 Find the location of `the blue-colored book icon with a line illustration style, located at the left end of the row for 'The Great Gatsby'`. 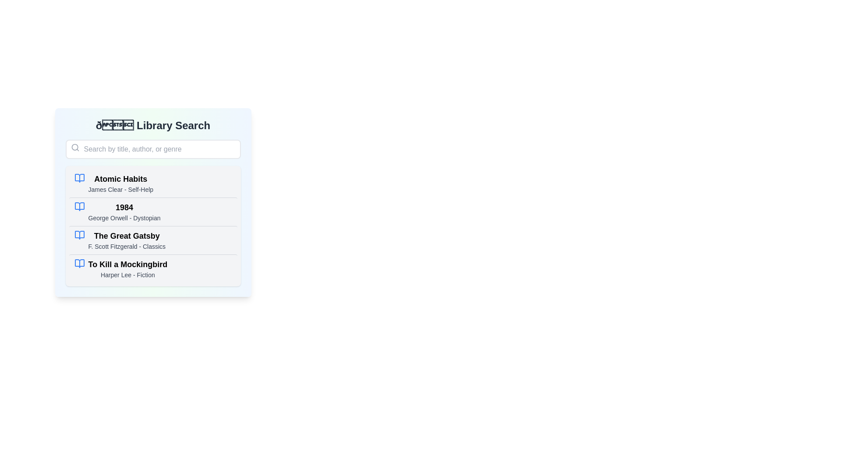

the blue-colored book icon with a line illustration style, located at the left end of the row for 'The Great Gatsby' is located at coordinates (79, 234).